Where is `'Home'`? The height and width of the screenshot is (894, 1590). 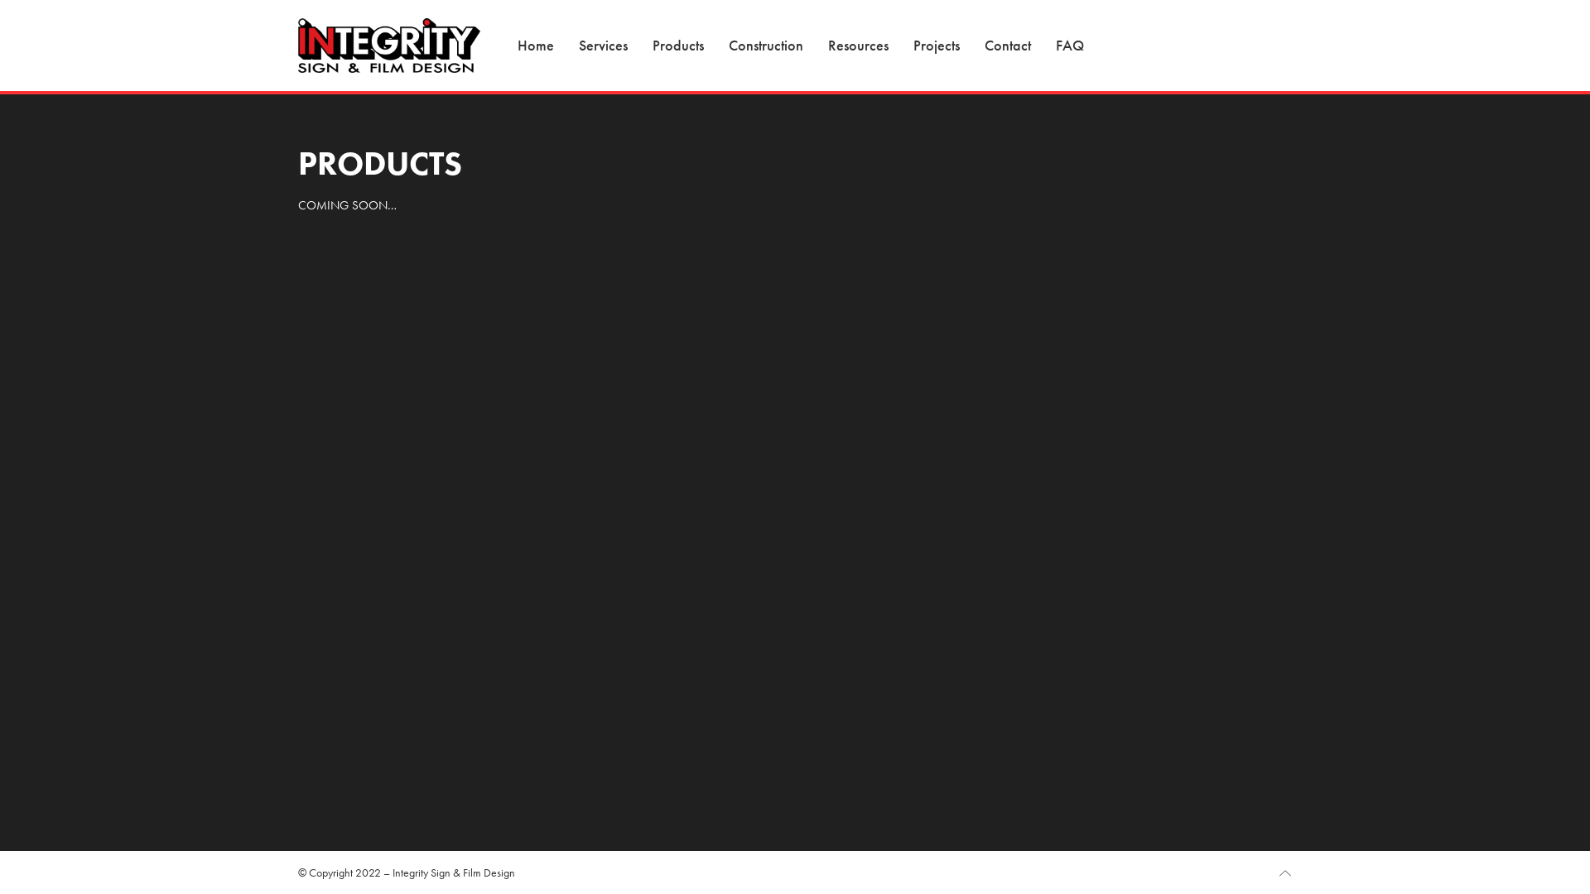 'Home' is located at coordinates (536, 44).